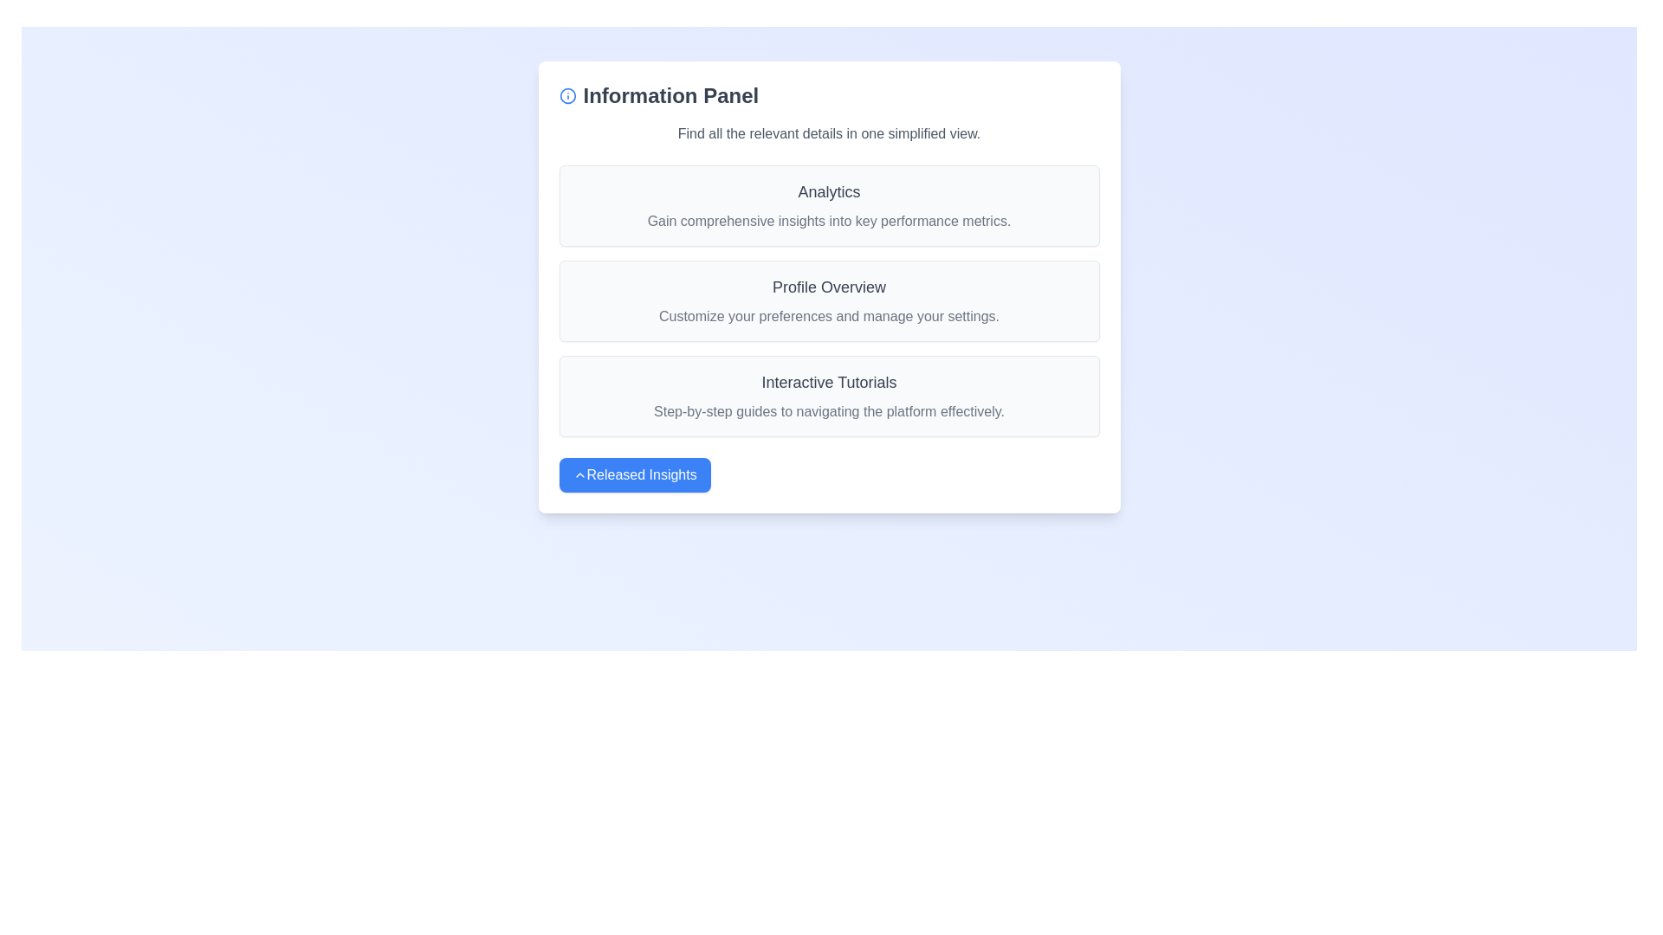  Describe the element at coordinates (828, 286) in the screenshot. I see `the 'Profile Overview' text label` at that location.